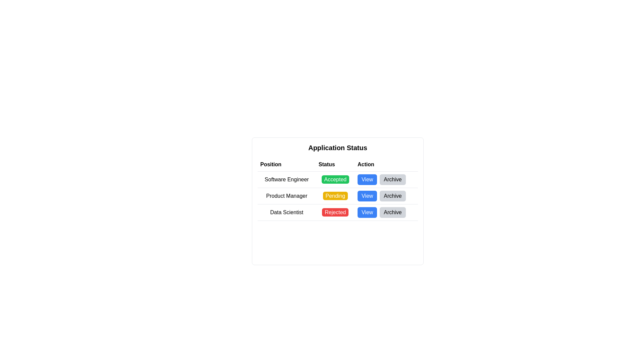 Image resolution: width=644 pixels, height=362 pixels. I want to click on status text of the 'Rejected' indicator in the 'Status' column for the 'Data Scientist' position, so click(335, 212).